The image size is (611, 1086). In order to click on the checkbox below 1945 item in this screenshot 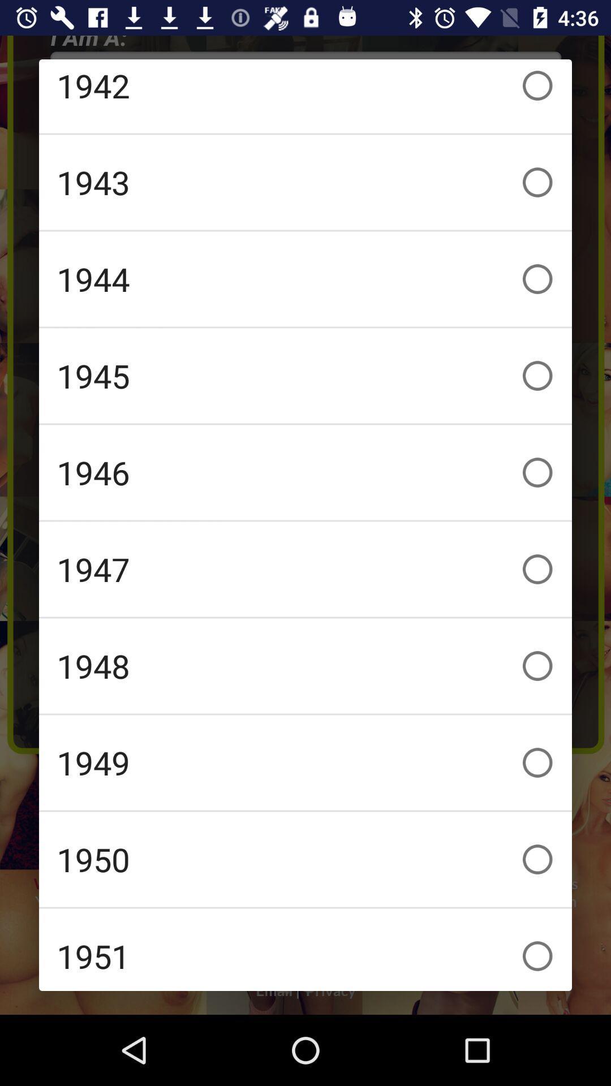, I will do `click(305, 472)`.